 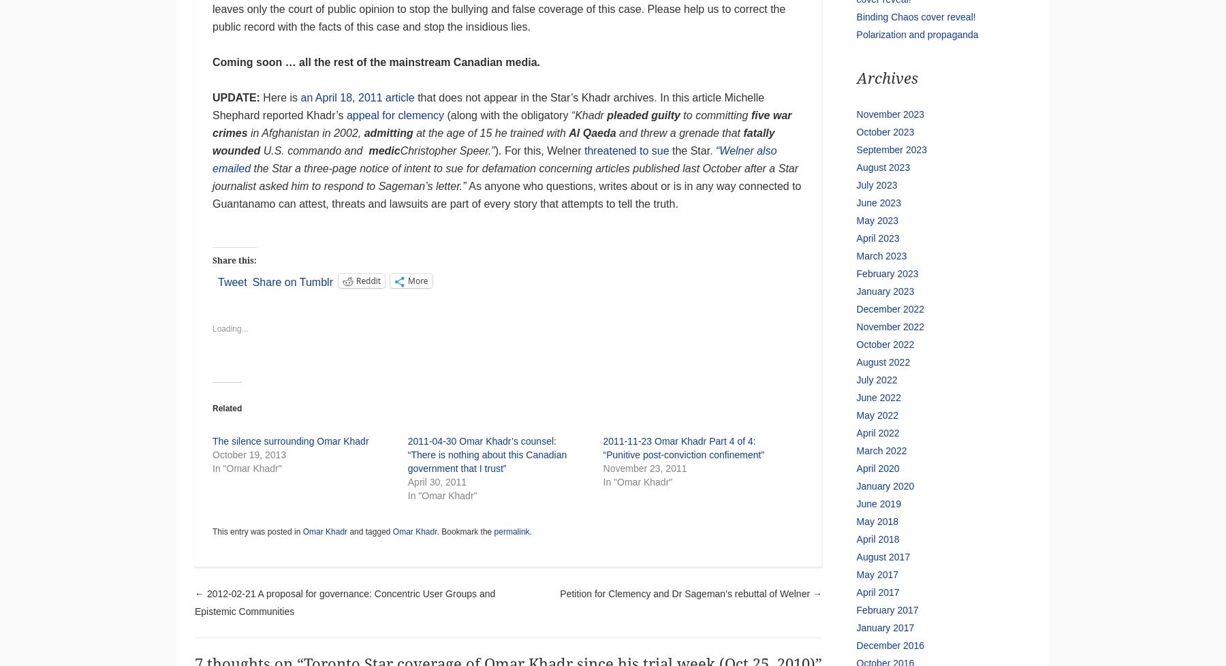 What do you see at coordinates (877, 238) in the screenshot?
I see `'April 2023'` at bounding box center [877, 238].